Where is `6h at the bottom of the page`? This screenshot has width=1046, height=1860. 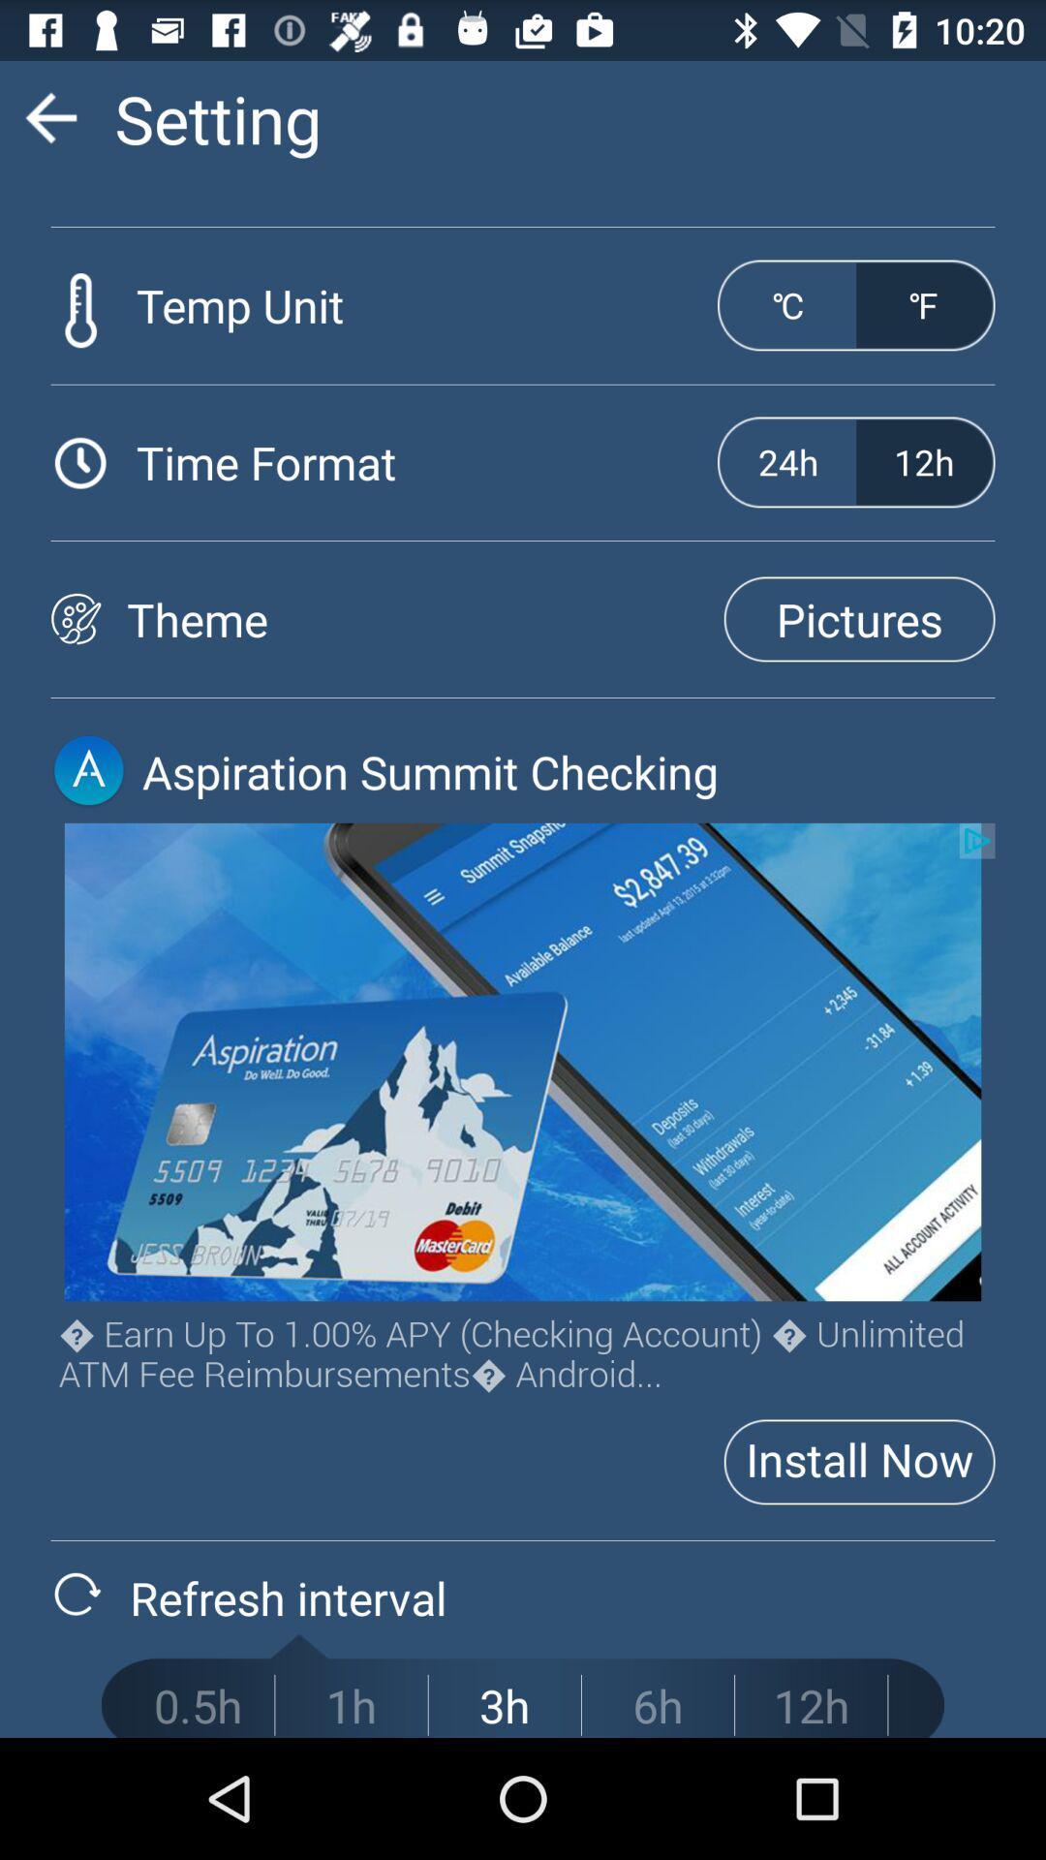 6h at the bottom of the page is located at coordinates (657, 1705).